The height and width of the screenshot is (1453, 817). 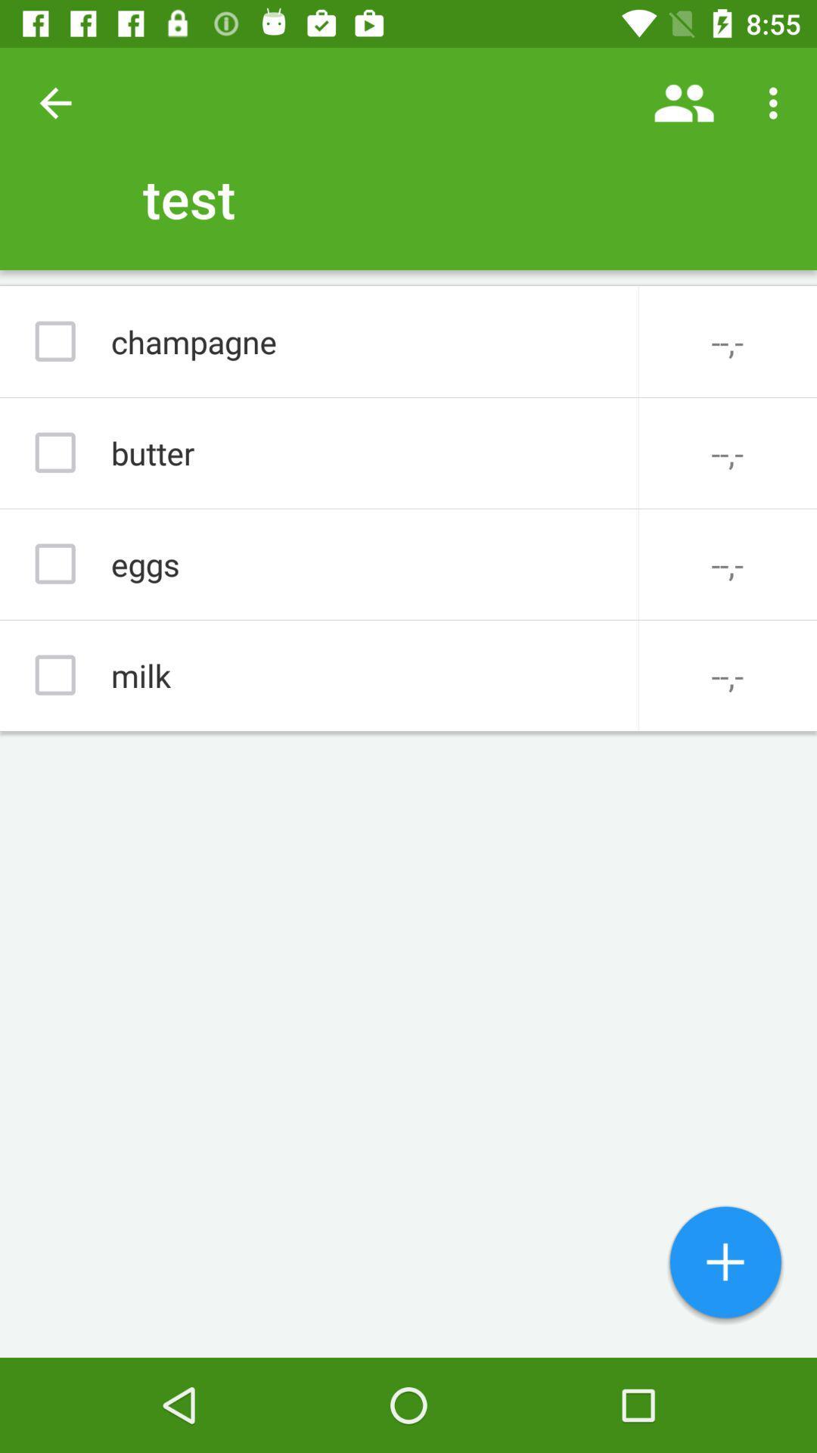 What do you see at coordinates (54, 102) in the screenshot?
I see `icon next to test` at bounding box center [54, 102].